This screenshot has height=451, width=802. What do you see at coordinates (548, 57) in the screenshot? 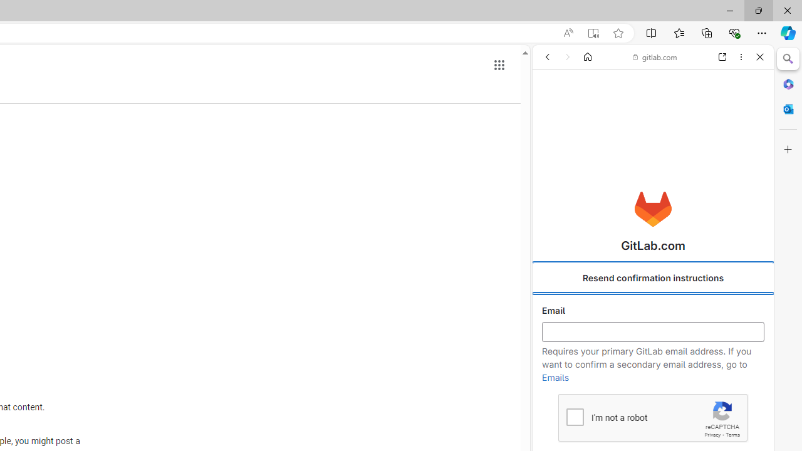
I see `'Back'` at bounding box center [548, 57].